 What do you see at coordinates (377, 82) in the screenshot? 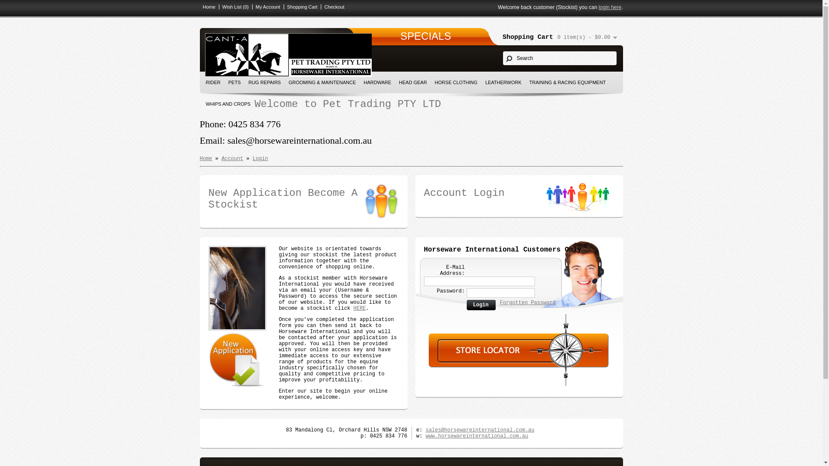
I see `'HARDWARE'` at bounding box center [377, 82].